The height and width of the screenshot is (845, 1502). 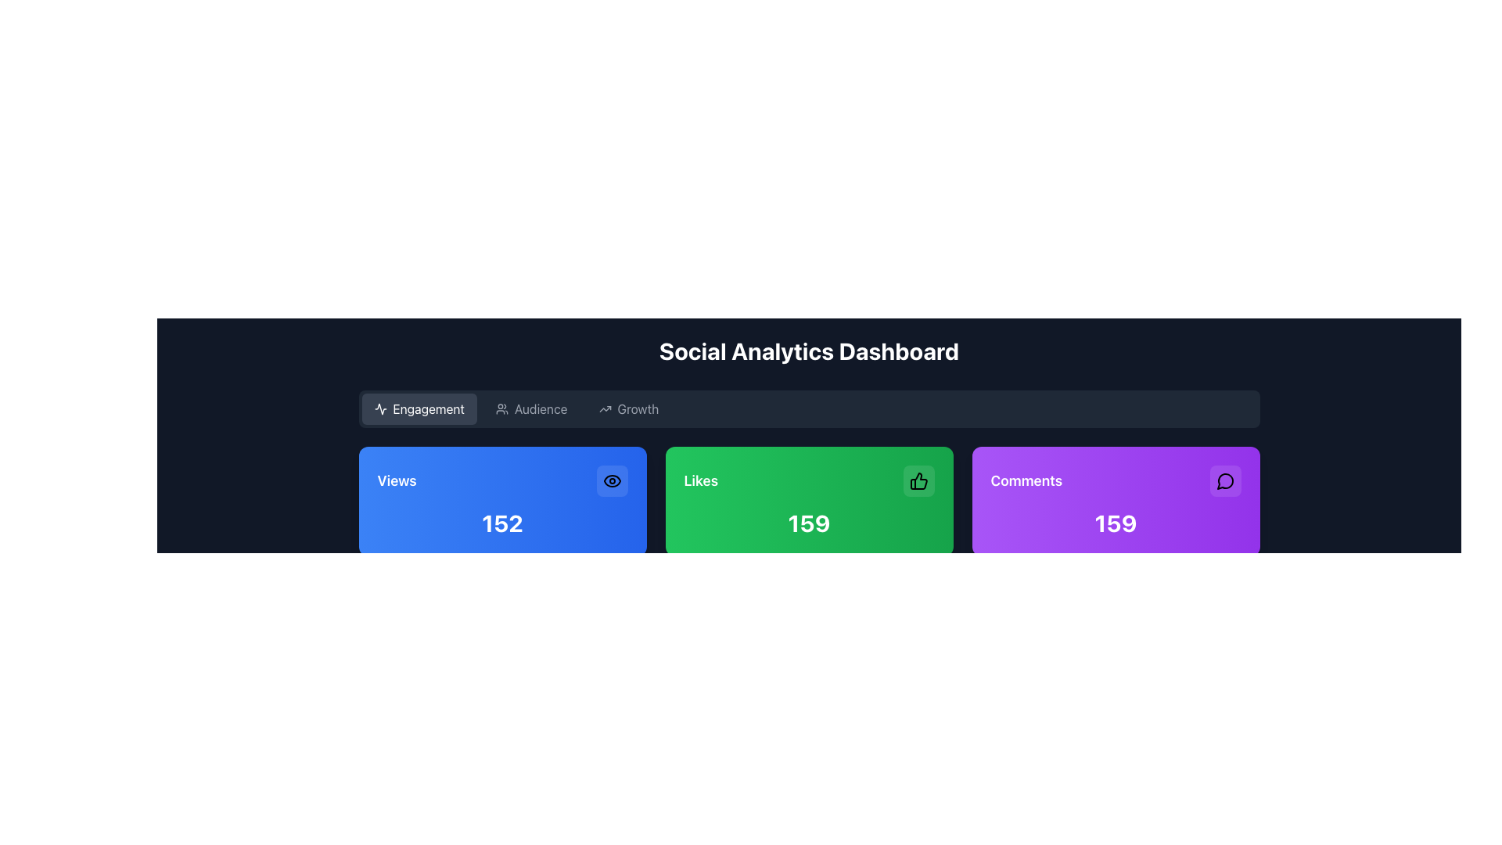 I want to click on the speech bubble icon button located at the rightmost side of the Comments section, so click(x=1224, y=480).